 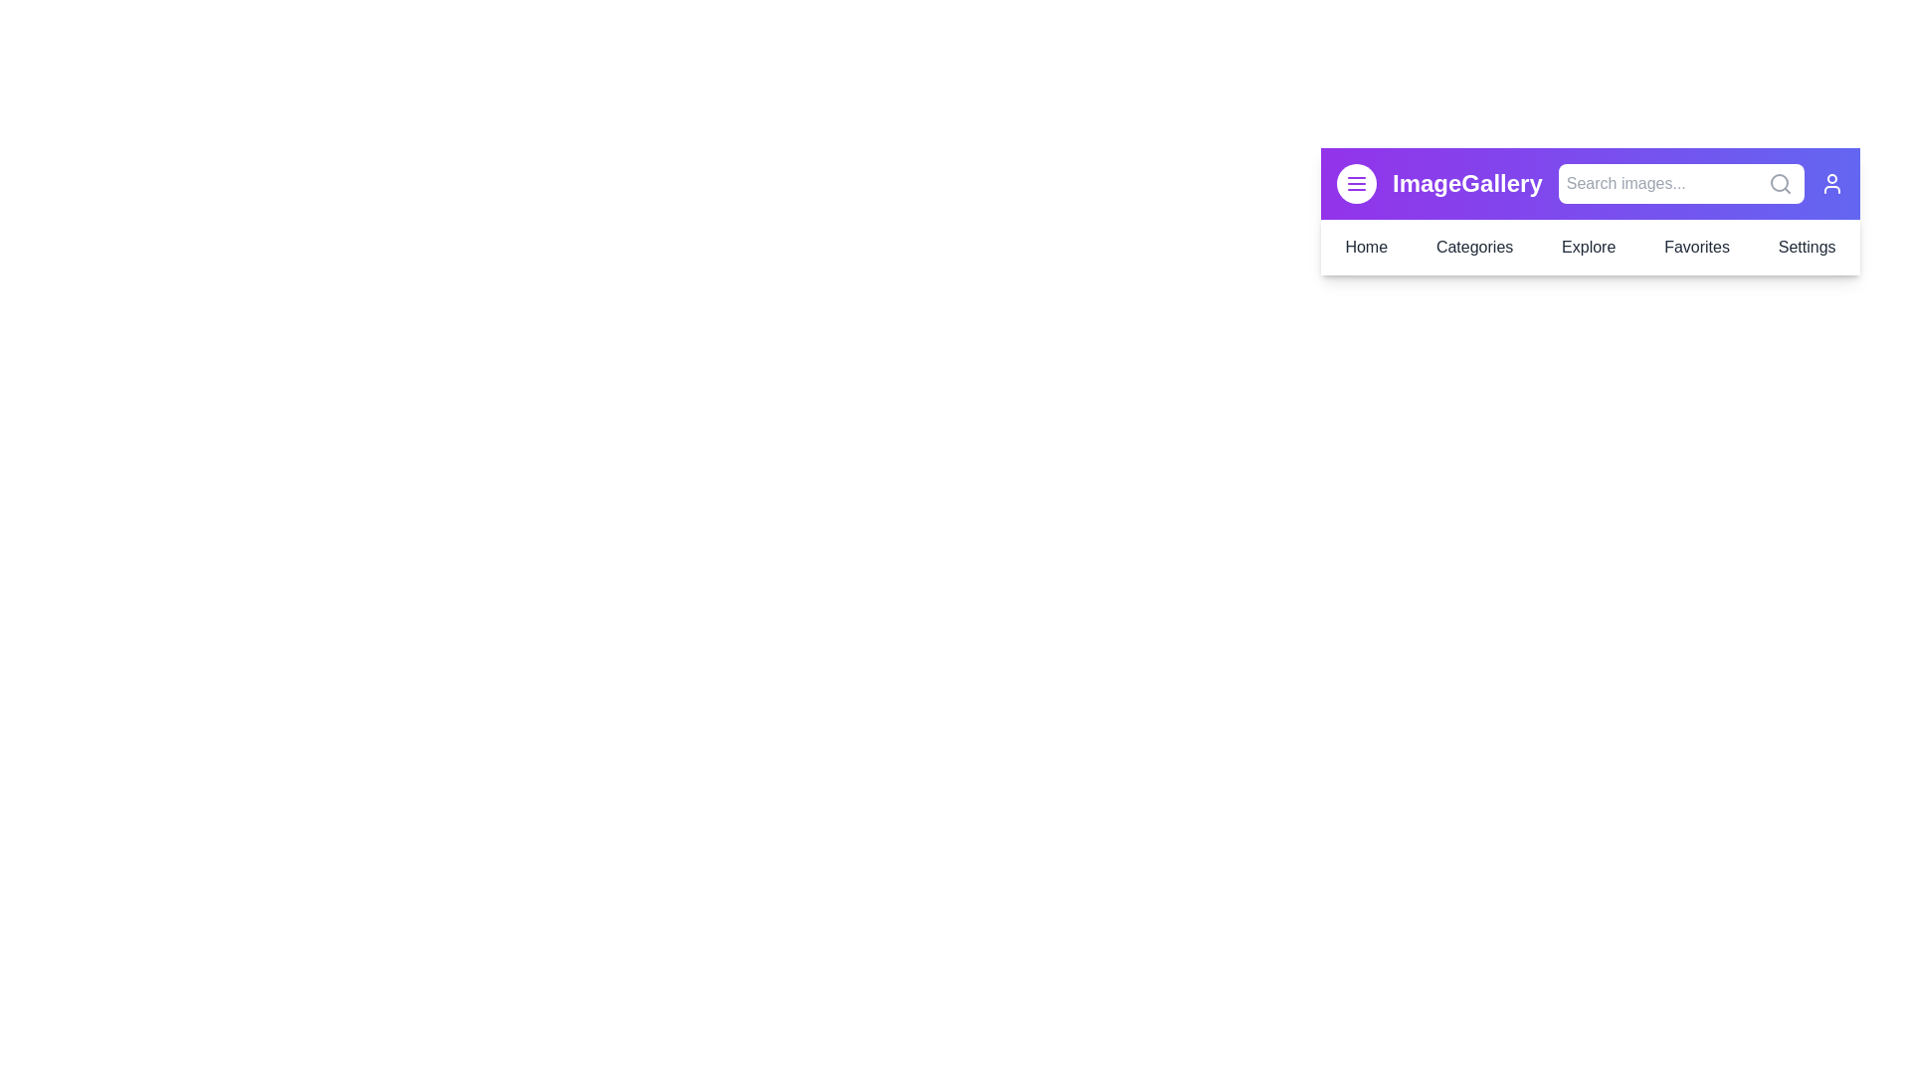 I want to click on the Home menu item in the navigation bar, so click(x=1365, y=247).